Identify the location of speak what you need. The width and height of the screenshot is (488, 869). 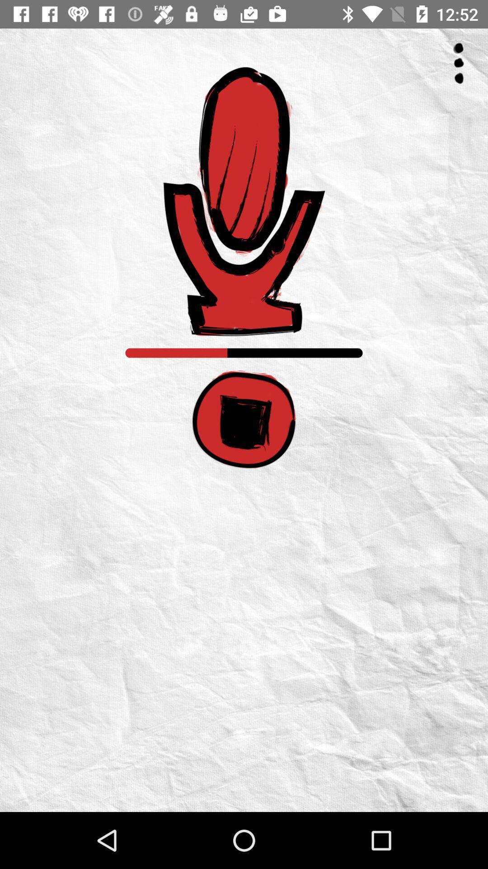
(244, 201).